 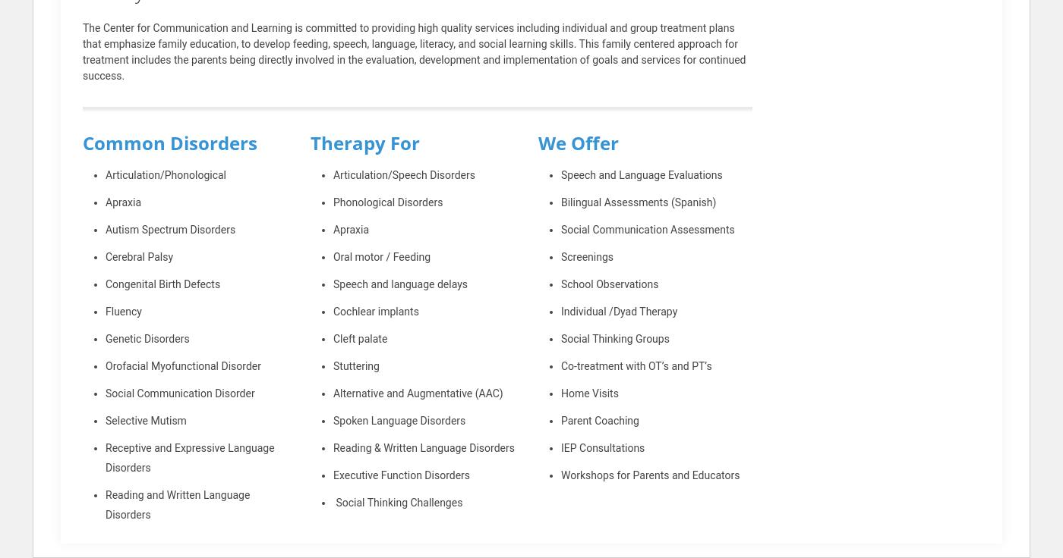 What do you see at coordinates (147, 338) in the screenshot?
I see `'Genetic Disorders'` at bounding box center [147, 338].